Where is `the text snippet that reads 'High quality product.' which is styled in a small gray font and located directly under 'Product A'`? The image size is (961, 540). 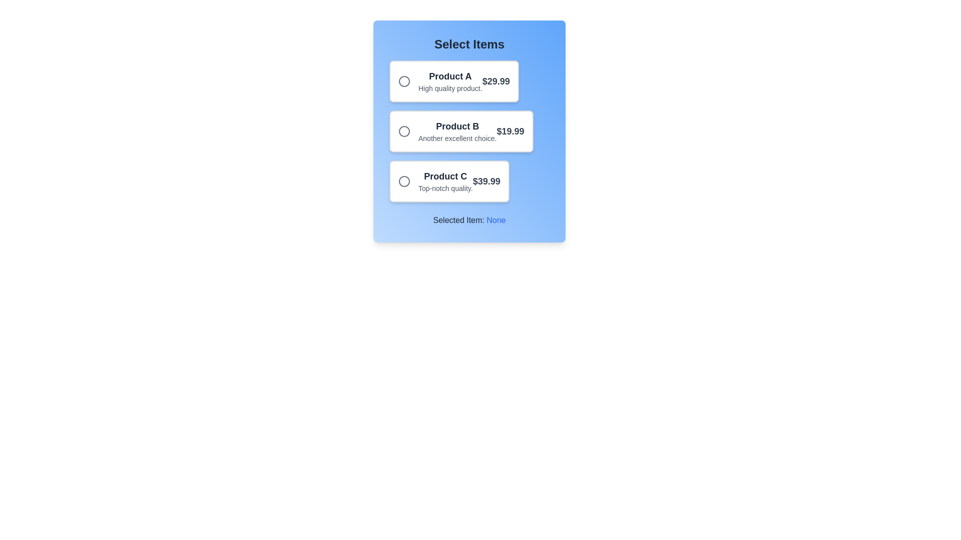
the text snippet that reads 'High quality product.' which is styled in a small gray font and located directly under 'Product A' is located at coordinates (449, 88).